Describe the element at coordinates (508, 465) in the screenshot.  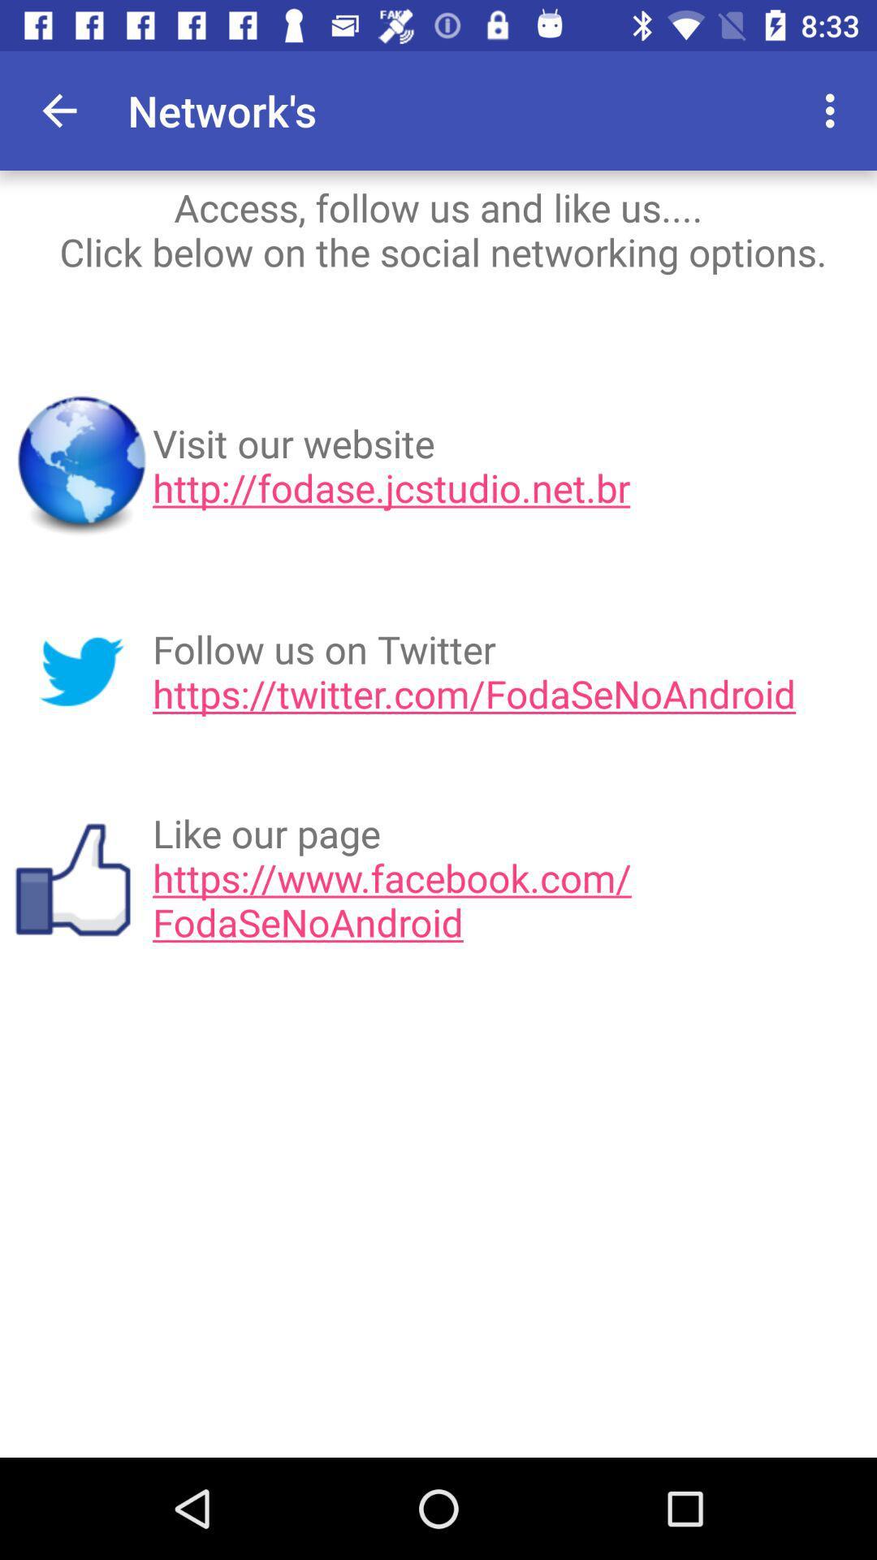
I see `the visit our website` at that location.